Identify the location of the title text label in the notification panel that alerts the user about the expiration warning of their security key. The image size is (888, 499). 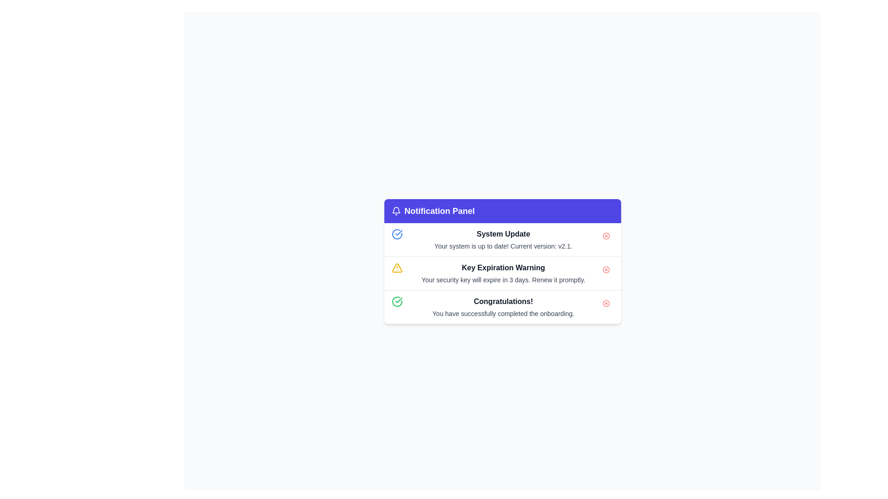
(503, 268).